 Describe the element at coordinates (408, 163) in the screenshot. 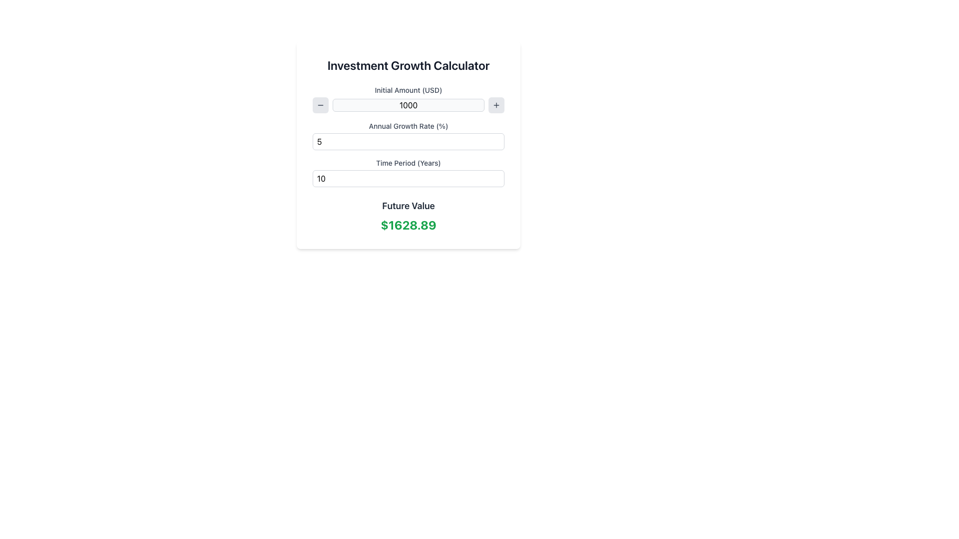

I see `the static text label that indicates 'Time Period (Years)', located above the number input field set to '10'` at that location.